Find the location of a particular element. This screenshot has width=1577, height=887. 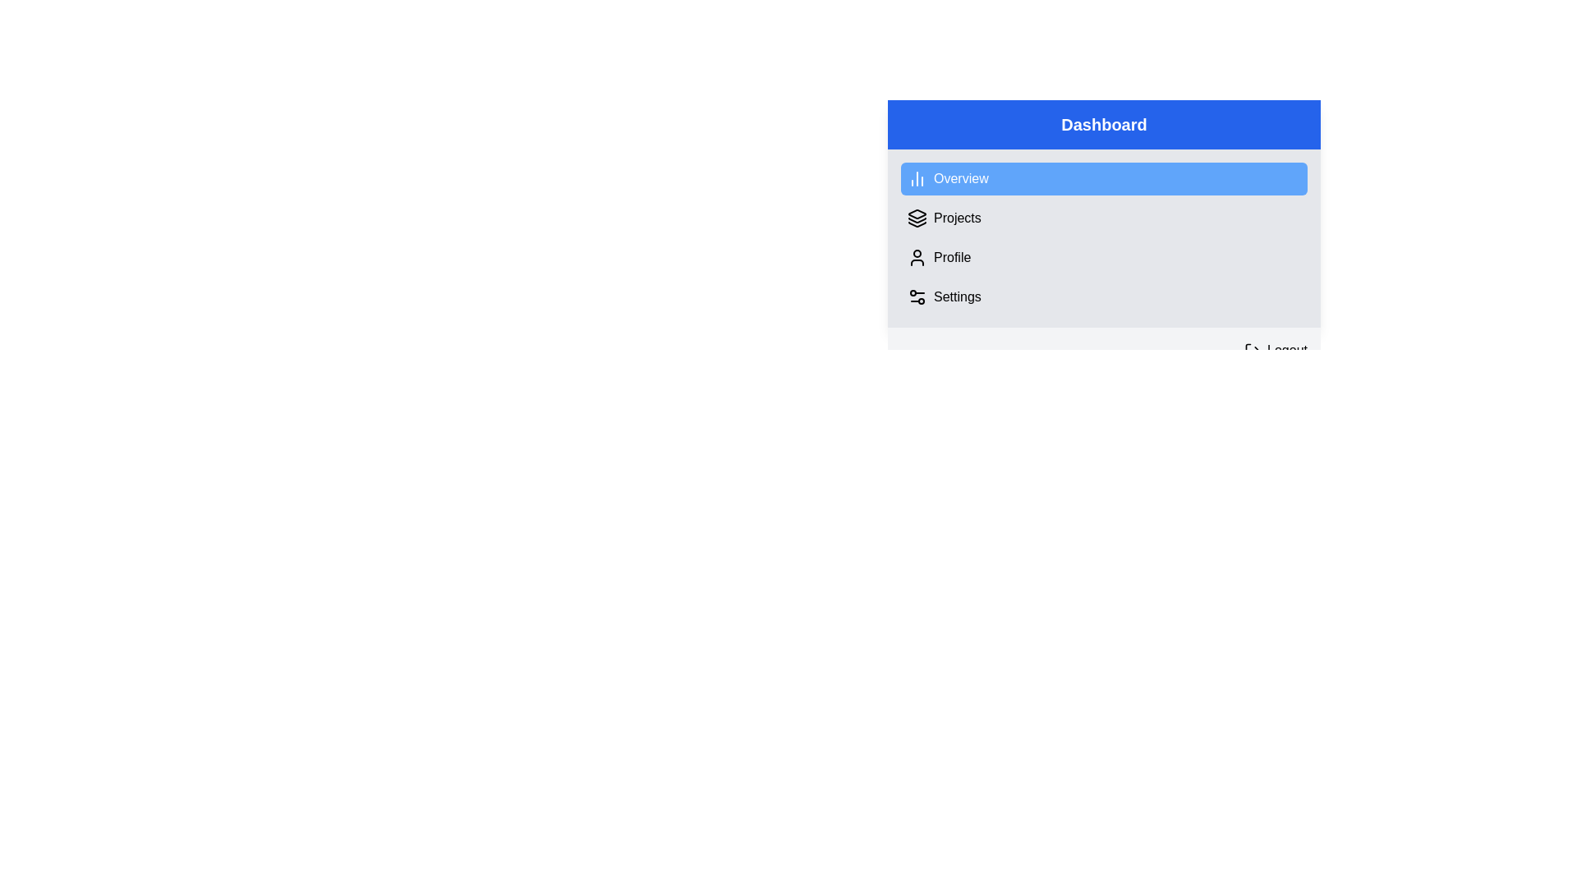

the graphical icon resembling a blue bar chart located to the left of the 'Overview' text within the 'Overview' button in the Dashboard section is located at coordinates (917, 179).